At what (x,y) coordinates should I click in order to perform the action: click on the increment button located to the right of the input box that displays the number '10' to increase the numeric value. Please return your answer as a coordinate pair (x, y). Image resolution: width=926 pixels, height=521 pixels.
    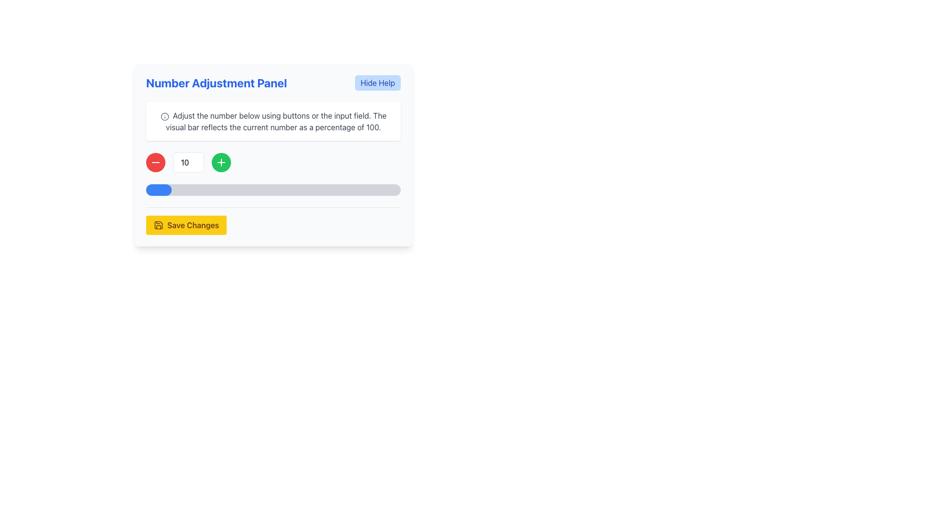
    Looking at the image, I should click on (221, 162).